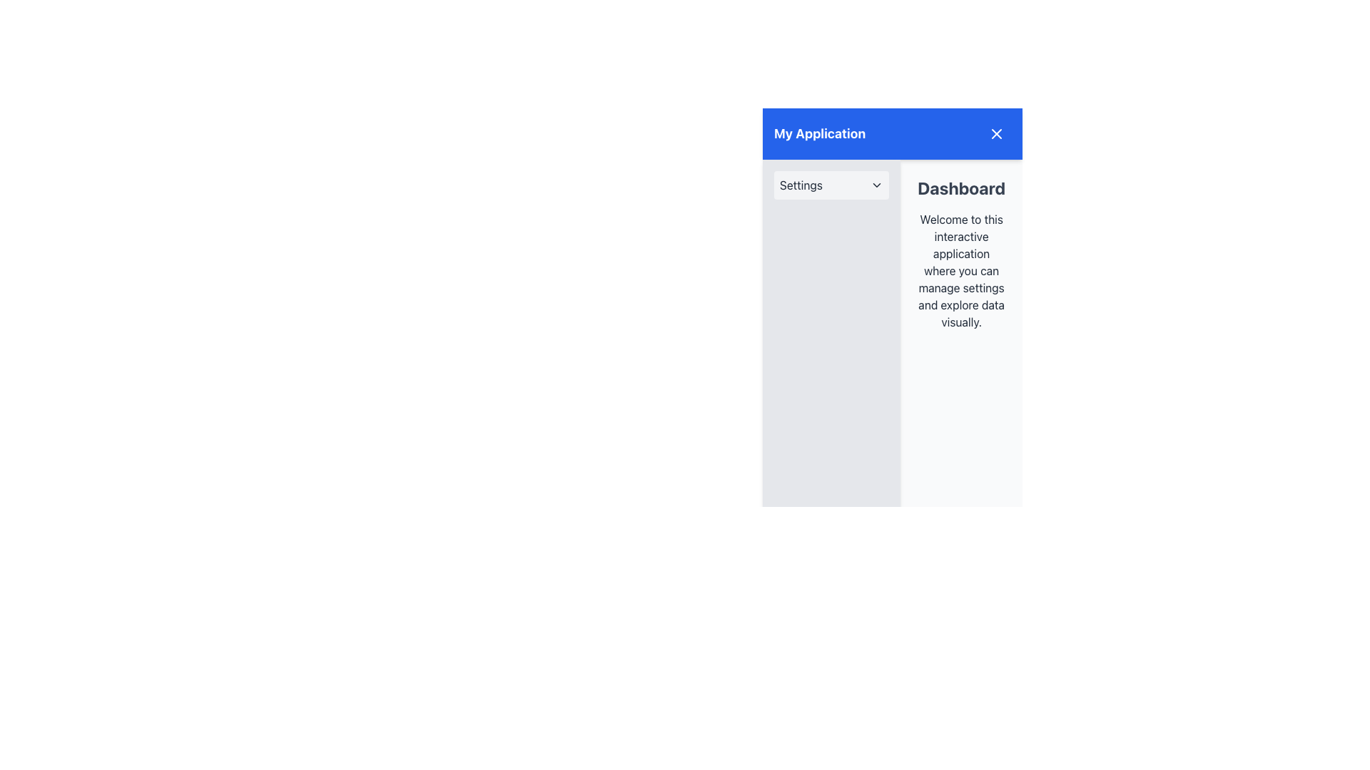 The width and height of the screenshot is (1370, 770). What do you see at coordinates (820, 134) in the screenshot?
I see `the Text label, which serves as the title of the application, located at the upper left of the header section` at bounding box center [820, 134].